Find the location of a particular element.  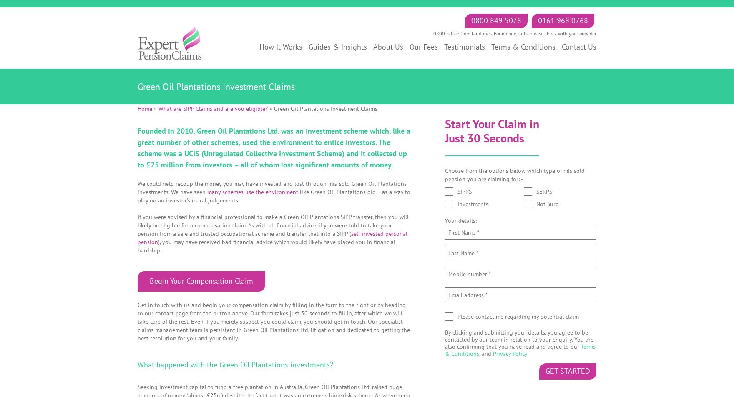

'. We have seen' is located at coordinates (188, 191).